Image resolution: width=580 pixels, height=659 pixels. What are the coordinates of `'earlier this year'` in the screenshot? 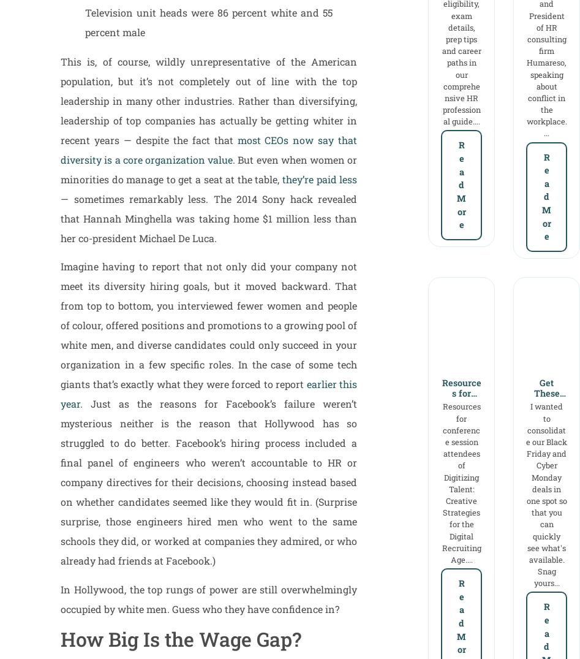 It's located at (208, 394).